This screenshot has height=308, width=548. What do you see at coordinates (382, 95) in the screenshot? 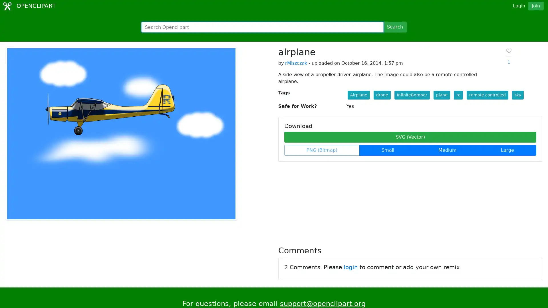
I see `drone` at bounding box center [382, 95].